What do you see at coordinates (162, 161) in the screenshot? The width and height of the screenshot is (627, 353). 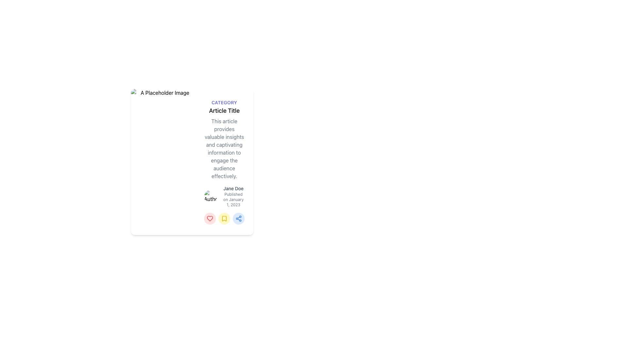 I see `the image labeled 'A Placeholder Image' on the left side of the article entry layout` at bounding box center [162, 161].